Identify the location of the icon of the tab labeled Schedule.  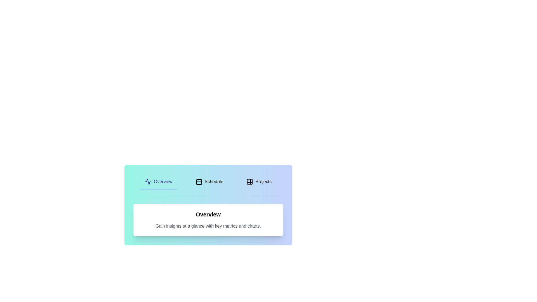
(199, 182).